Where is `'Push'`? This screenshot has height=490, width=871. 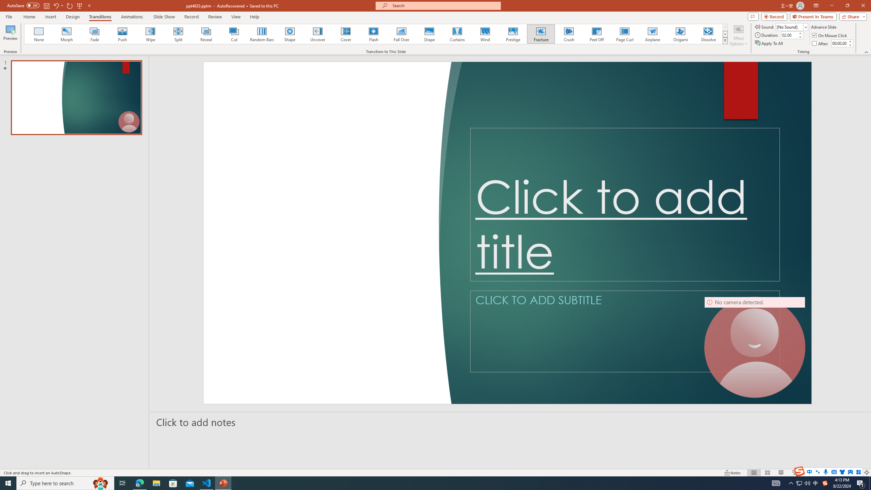
'Push' is located at coordinates (122, 34).